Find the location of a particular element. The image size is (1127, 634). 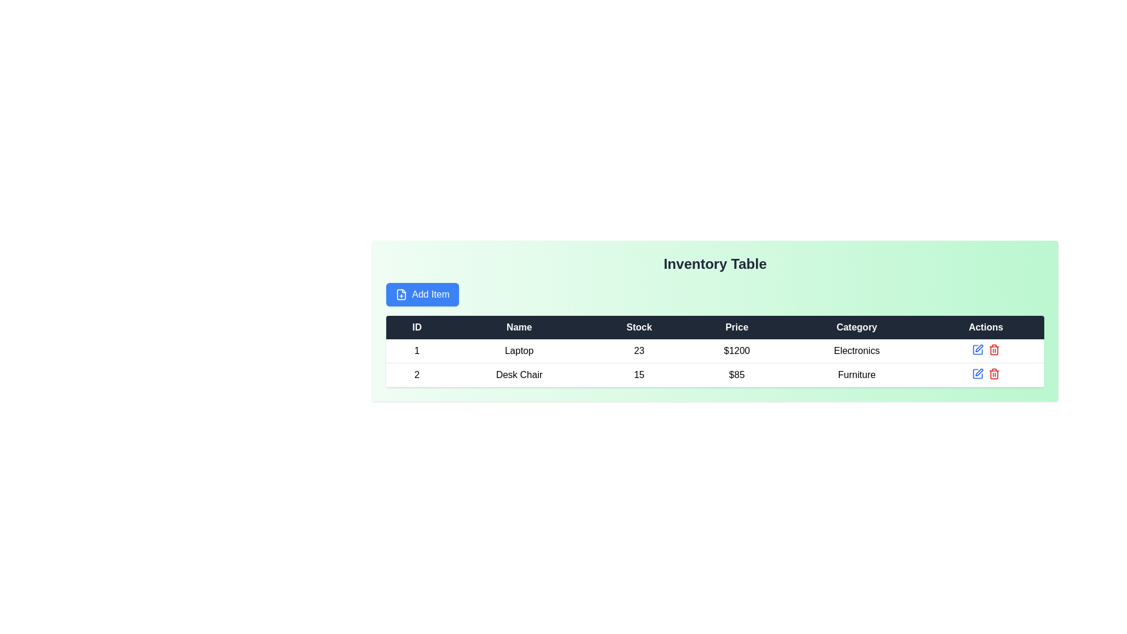

the second row of the inventory table containing the data items for 'Desk Chair', including ID, Name, Stock, Price, Category, and Actions is located at coordinates (714, 362).